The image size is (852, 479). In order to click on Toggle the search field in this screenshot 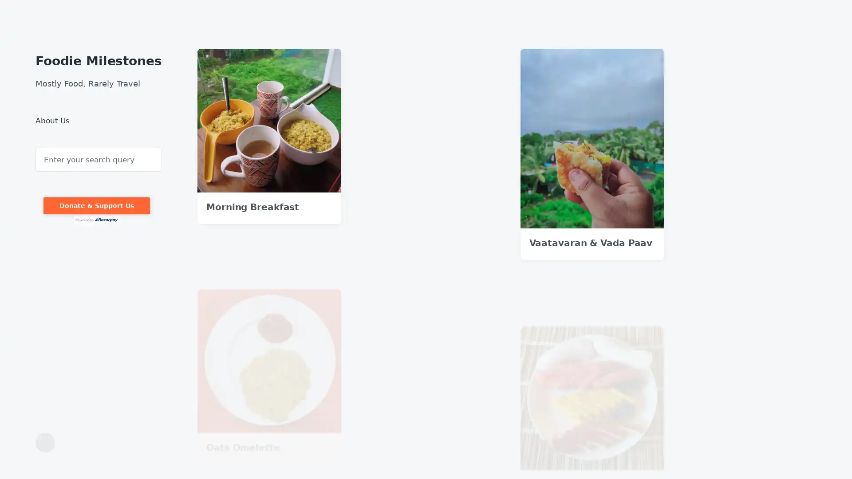, I will do `click(44, 443)`.